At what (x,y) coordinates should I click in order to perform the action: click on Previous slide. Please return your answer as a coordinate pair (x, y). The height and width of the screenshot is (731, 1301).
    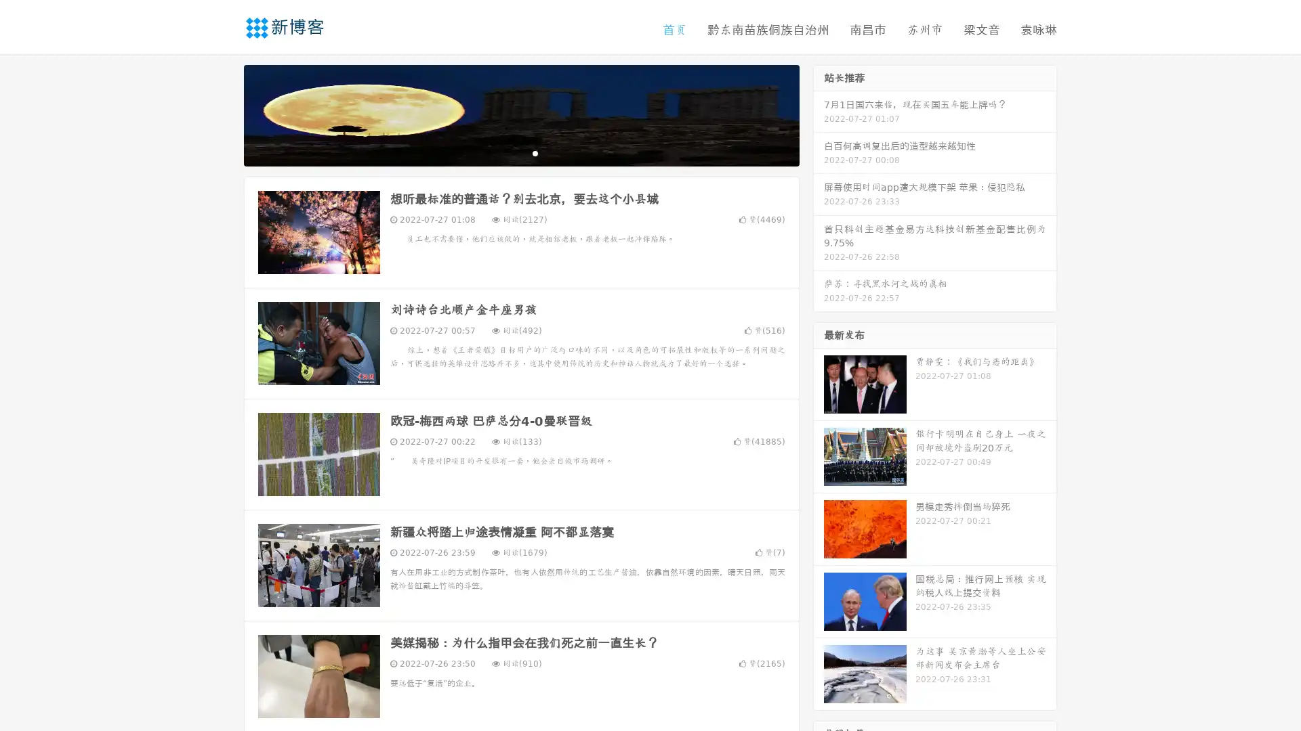
    Looking at the image, I should click on (224, 114).